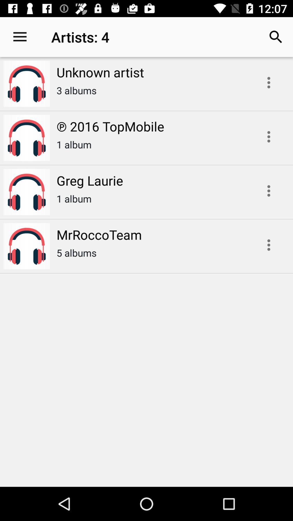  I want to click on menu selection, so click(269, 191).